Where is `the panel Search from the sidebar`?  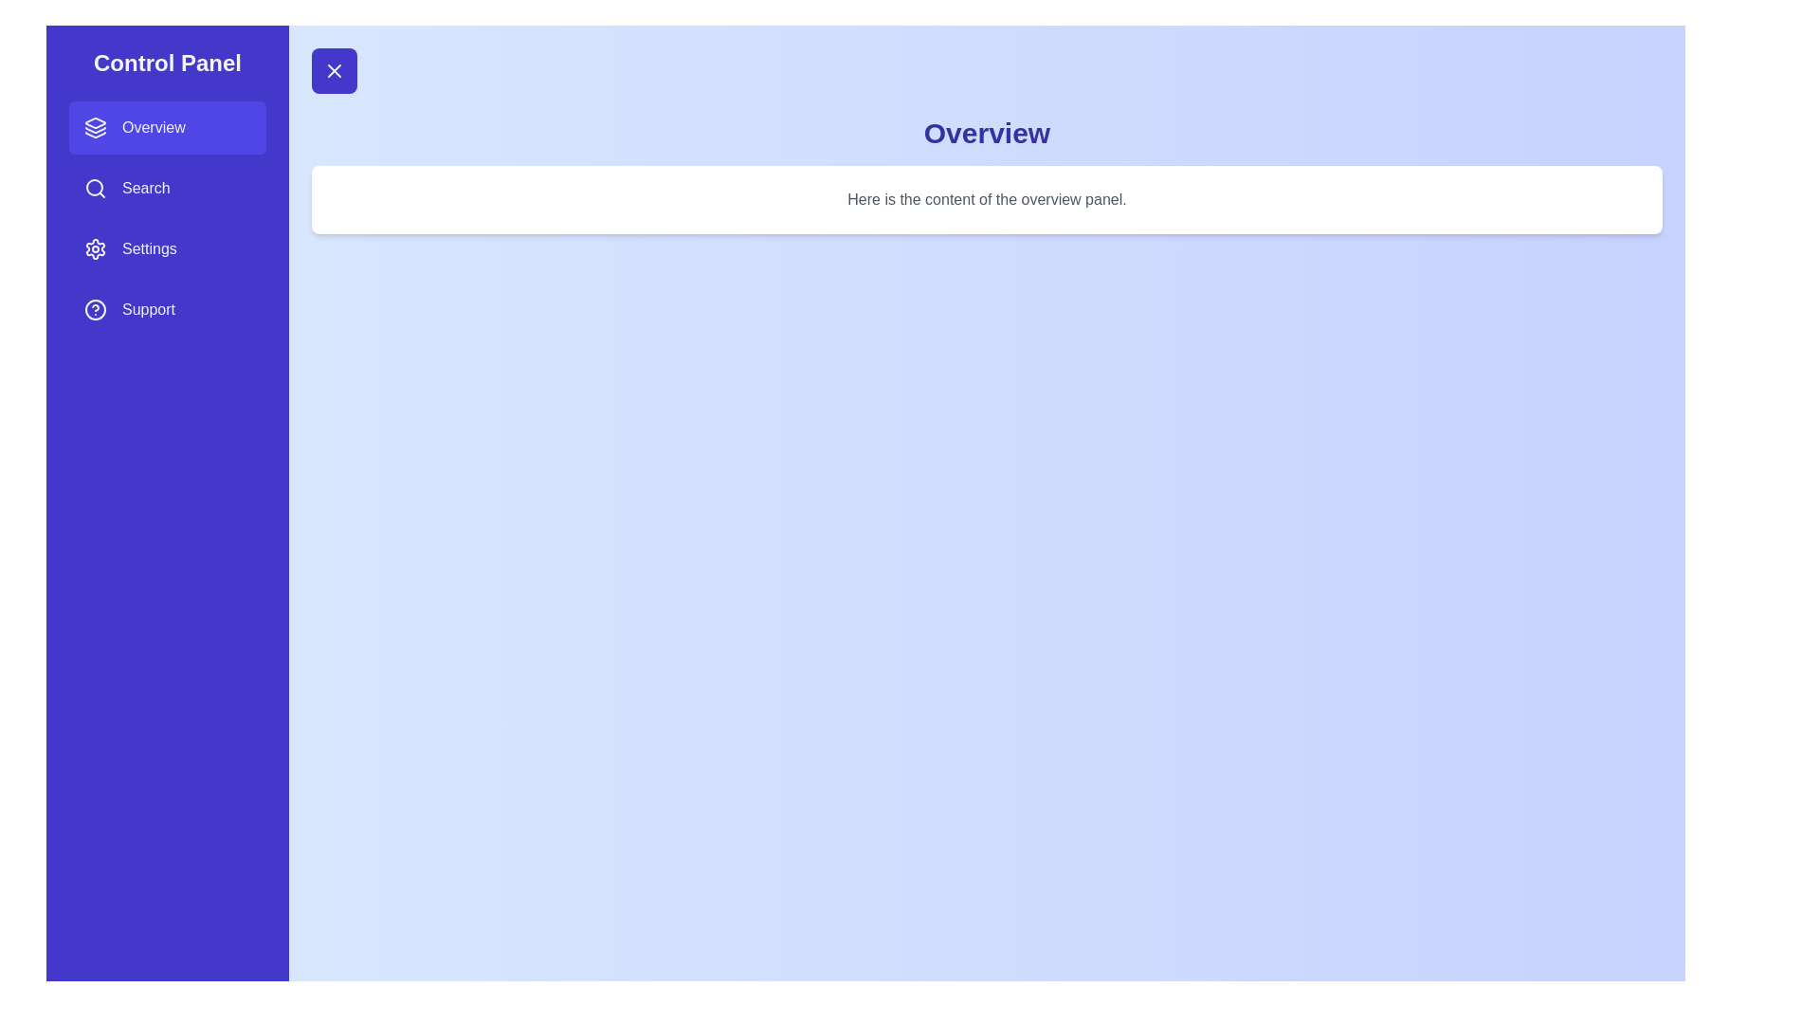
the panel Search from the sidebar is located at coordinates (168, 189).